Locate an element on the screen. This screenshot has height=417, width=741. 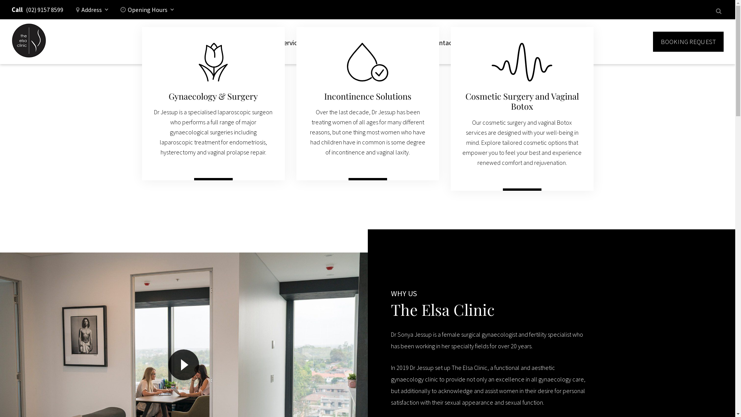
'Journal' is located at coordinates (409, 42).